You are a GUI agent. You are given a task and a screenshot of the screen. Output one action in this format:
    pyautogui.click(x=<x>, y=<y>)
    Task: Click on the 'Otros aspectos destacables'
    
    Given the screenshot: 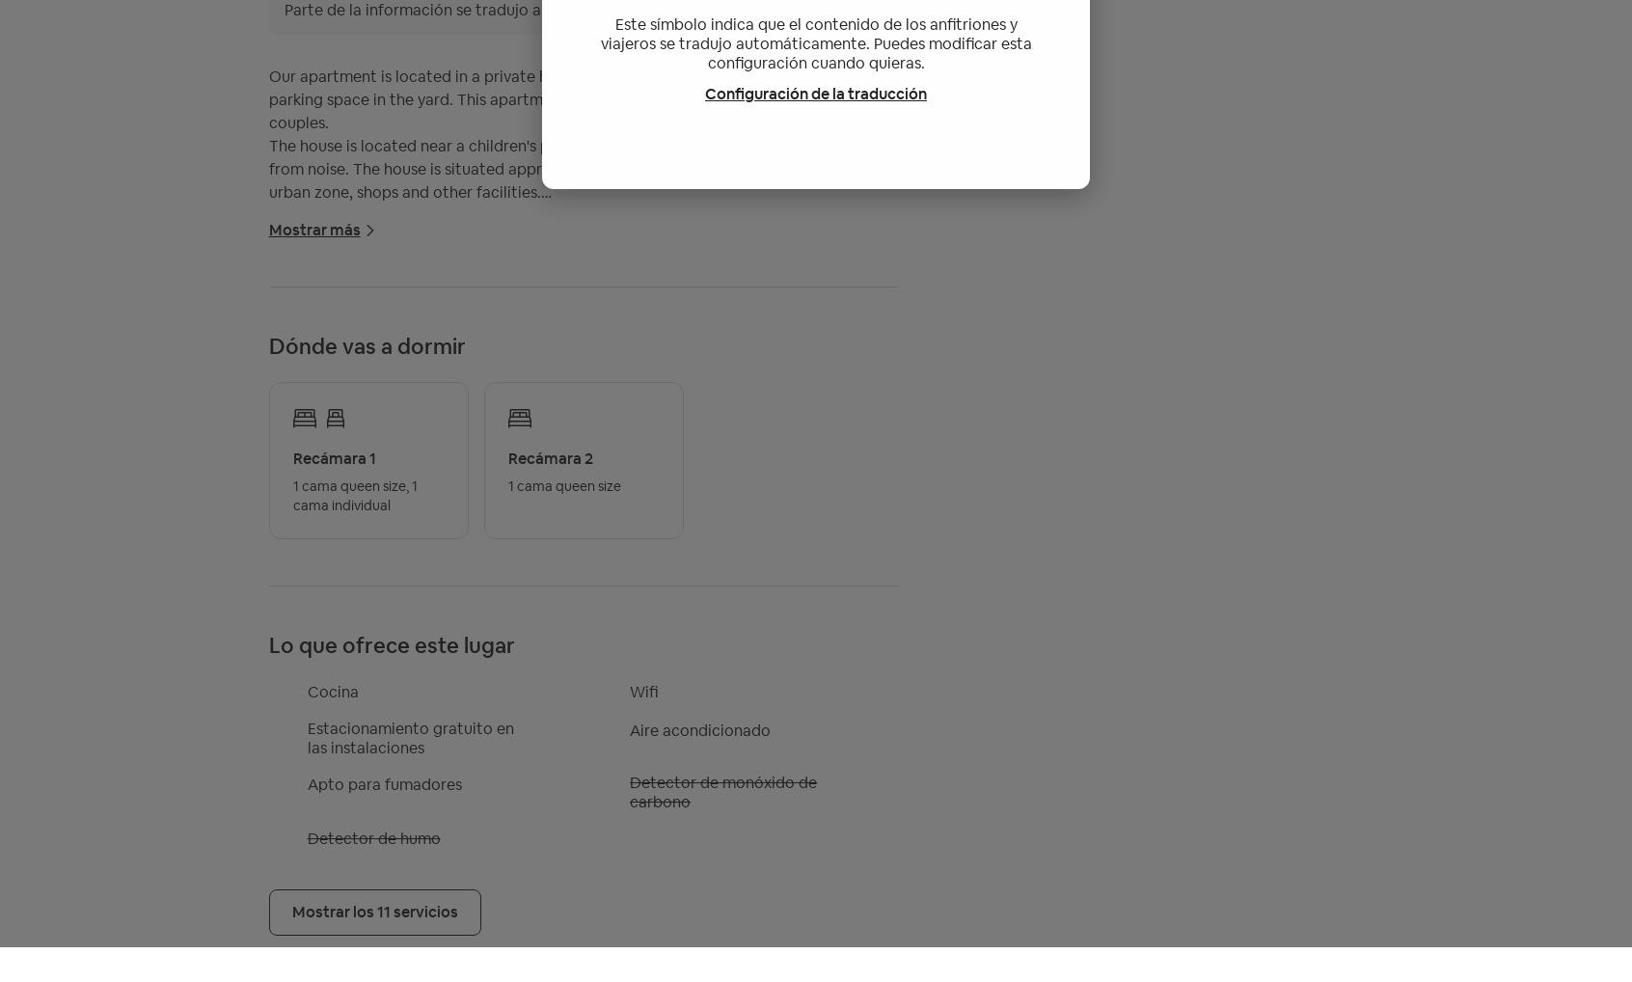 What is the action you would take?
    pyautogui.click(x=267, y=492)
    